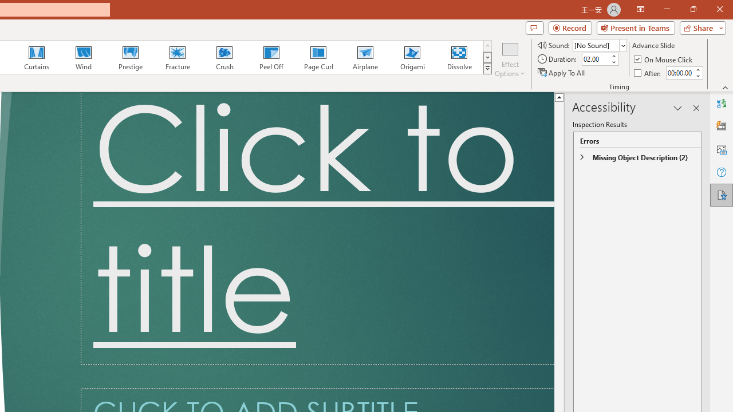 This screenshot has height=412, width=733. Describe the element at coordinates (37, 57) in the screenshot. I see `'Curtains'` at that location.